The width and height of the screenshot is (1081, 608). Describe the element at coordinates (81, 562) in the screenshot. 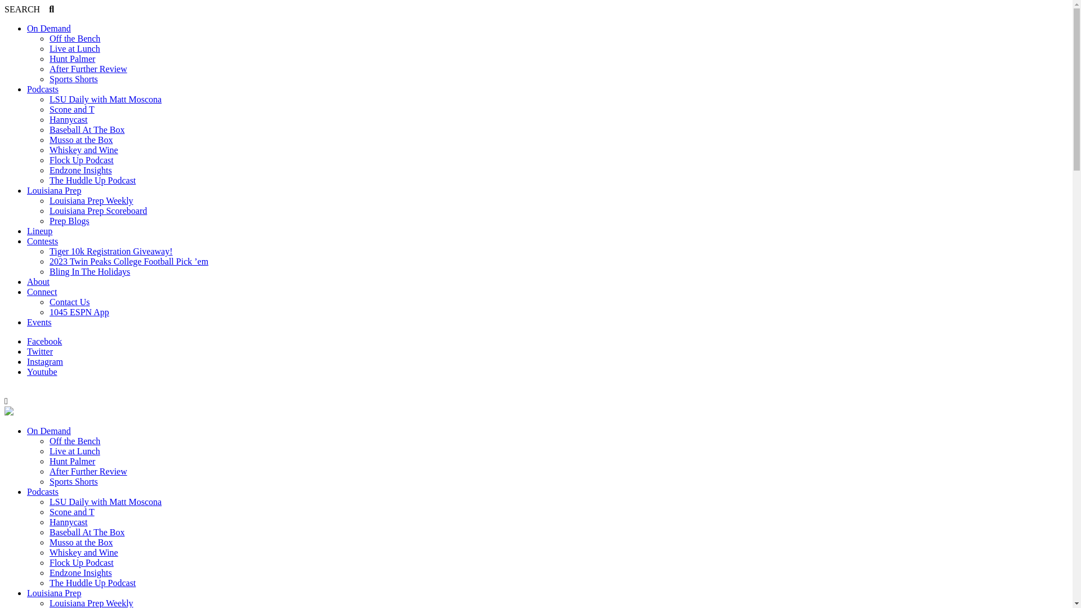

I see `'Flock Up Podcast'` at that location.